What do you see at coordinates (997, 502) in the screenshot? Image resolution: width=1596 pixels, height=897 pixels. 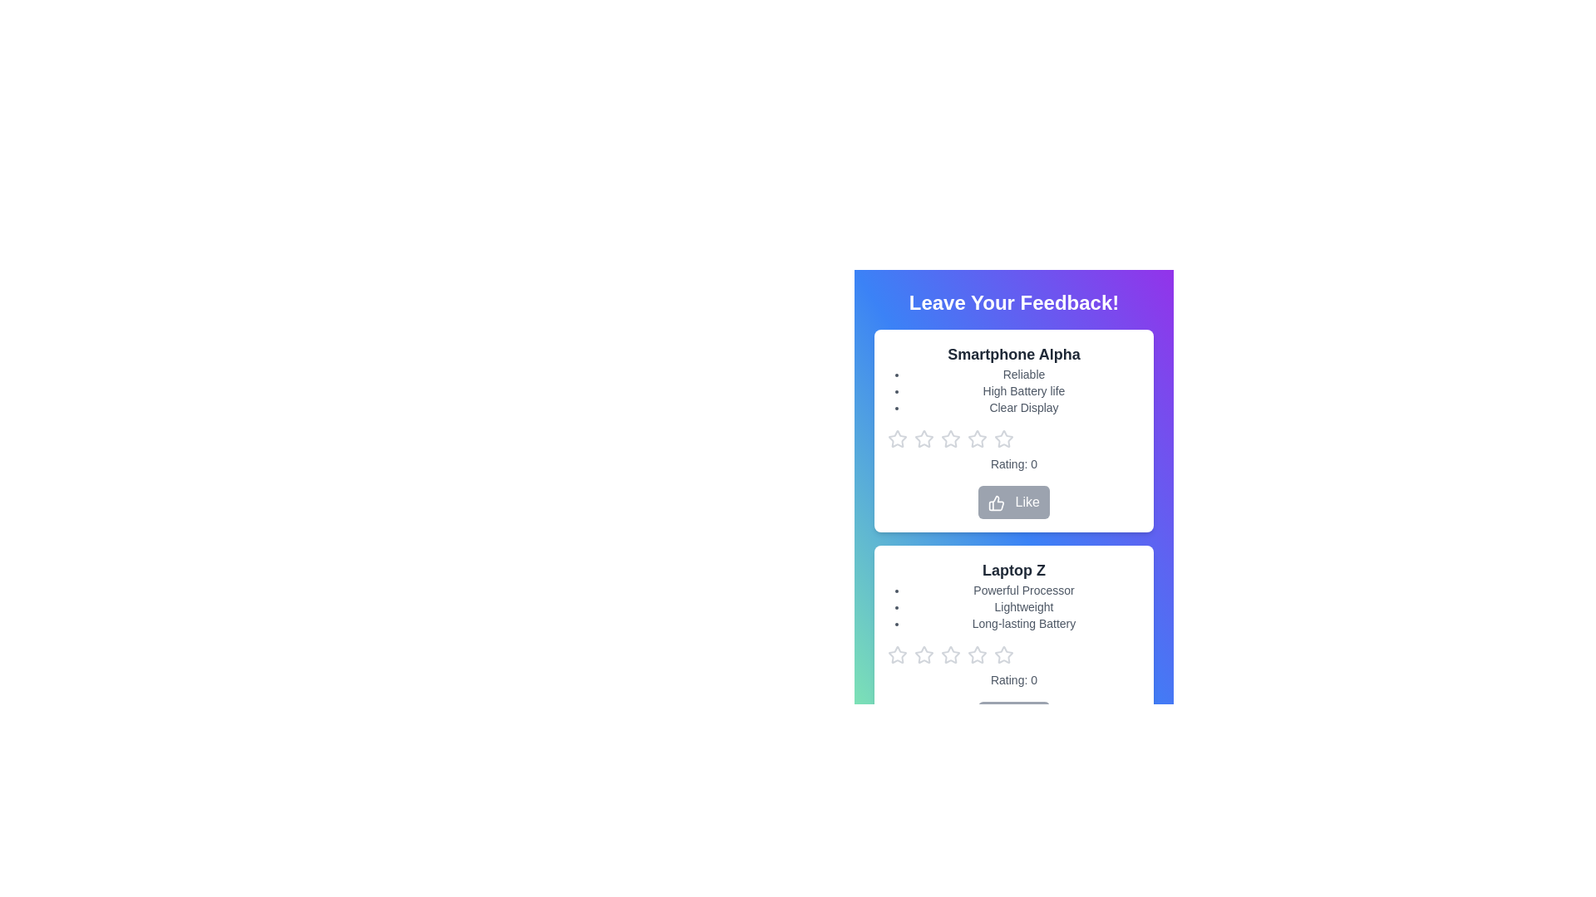 I see `the 'Like' button icon located within the first product card titled 'Smartphone Alpha', positioned to the left of the text 'Like'` at bounding box center [997, 502].